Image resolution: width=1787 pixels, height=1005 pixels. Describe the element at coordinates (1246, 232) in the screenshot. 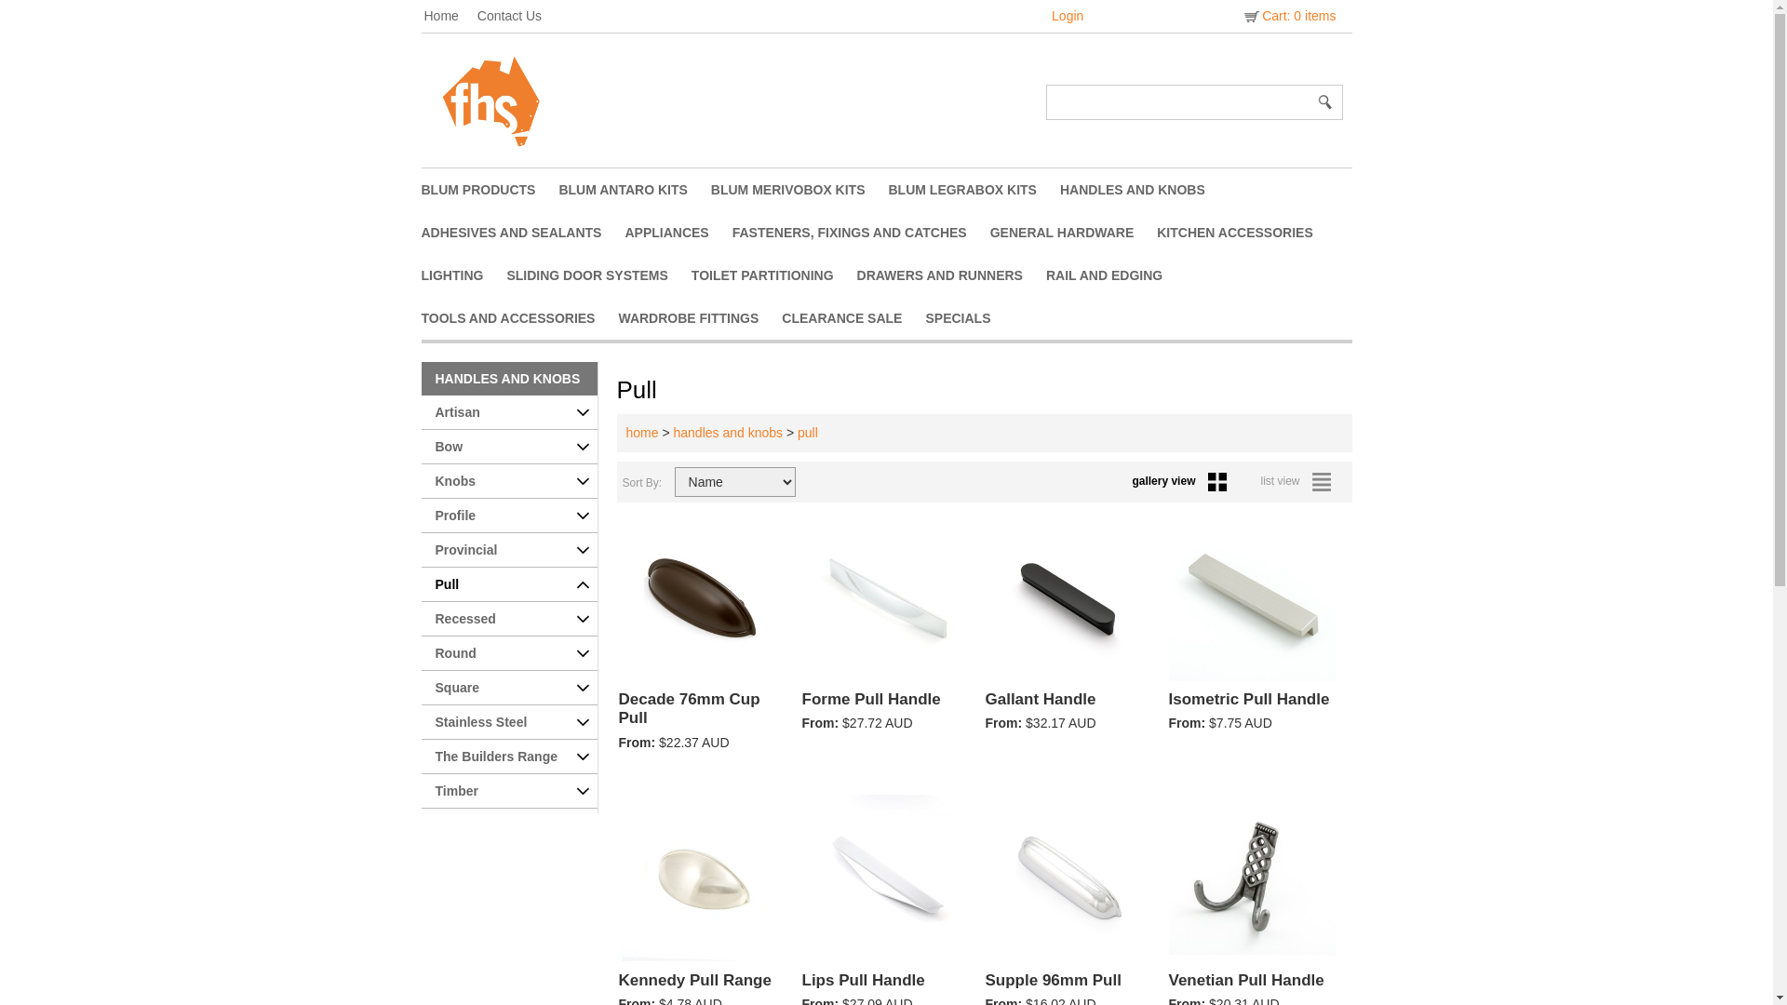

I see `'KITCHEN ACCESSORIES'` at that location.